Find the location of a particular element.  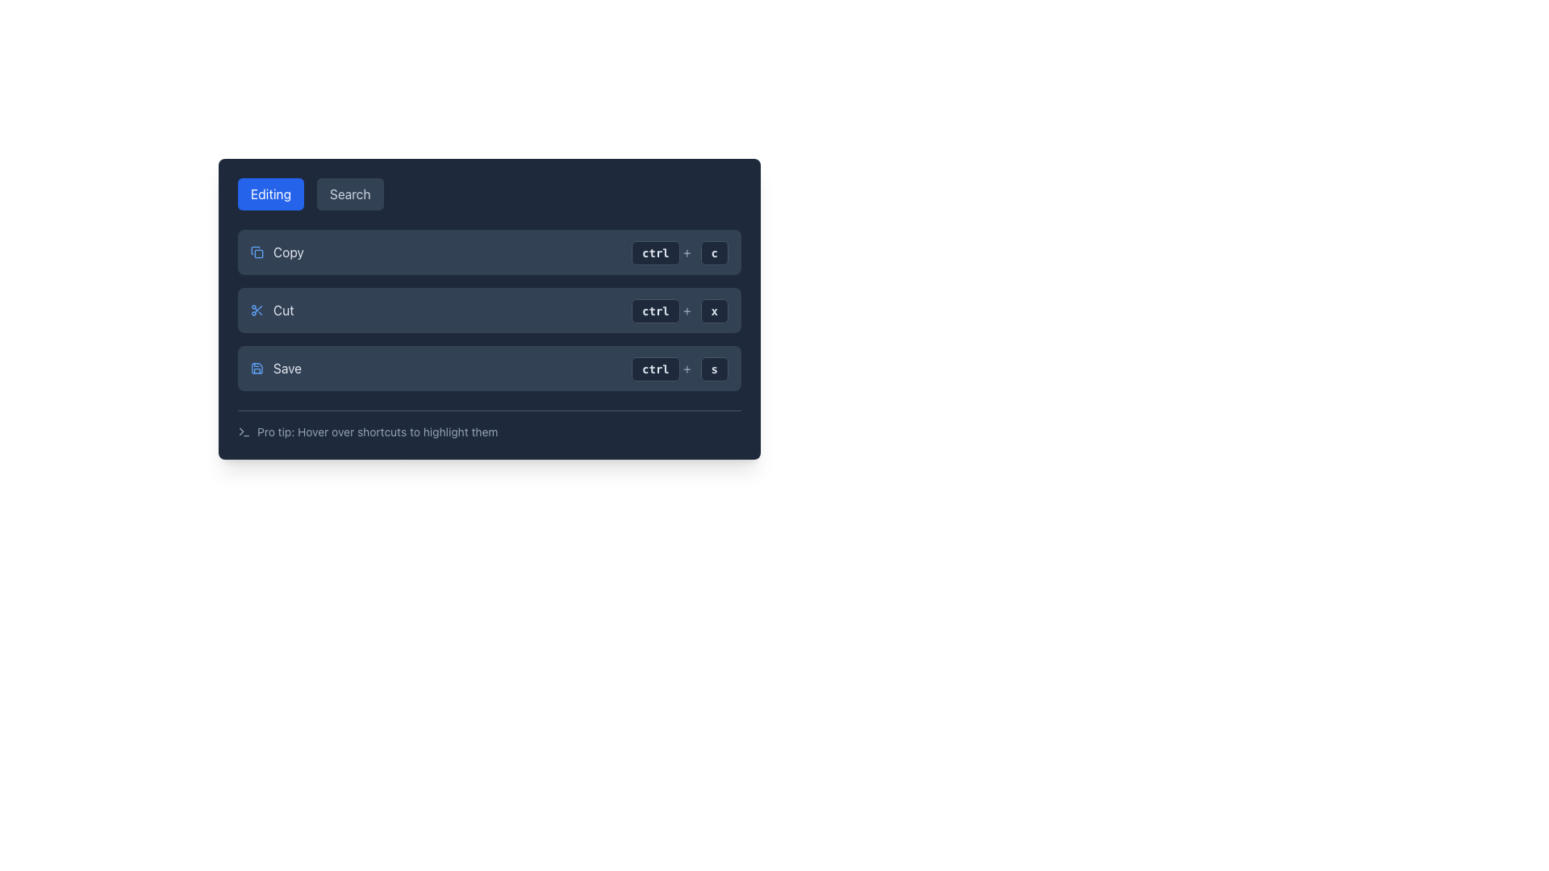

the stylized button-like display for the keyboard shortcut representation labeled 'ctrl+' which is part of the 'Save' shortcut keys is located at coordinates (662, 368).